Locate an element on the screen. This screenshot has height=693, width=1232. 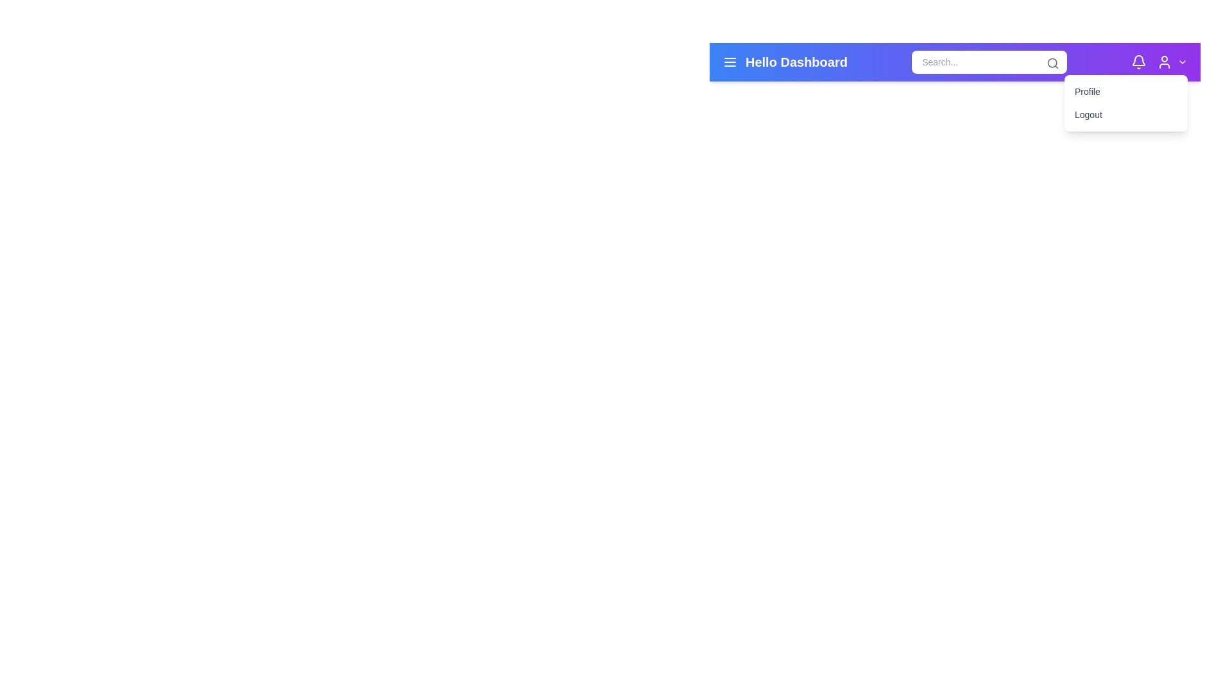
the menu toggle button located in the top navigation bar, leftmost among its siblings, adjacent is located at coordinates (730, 62).